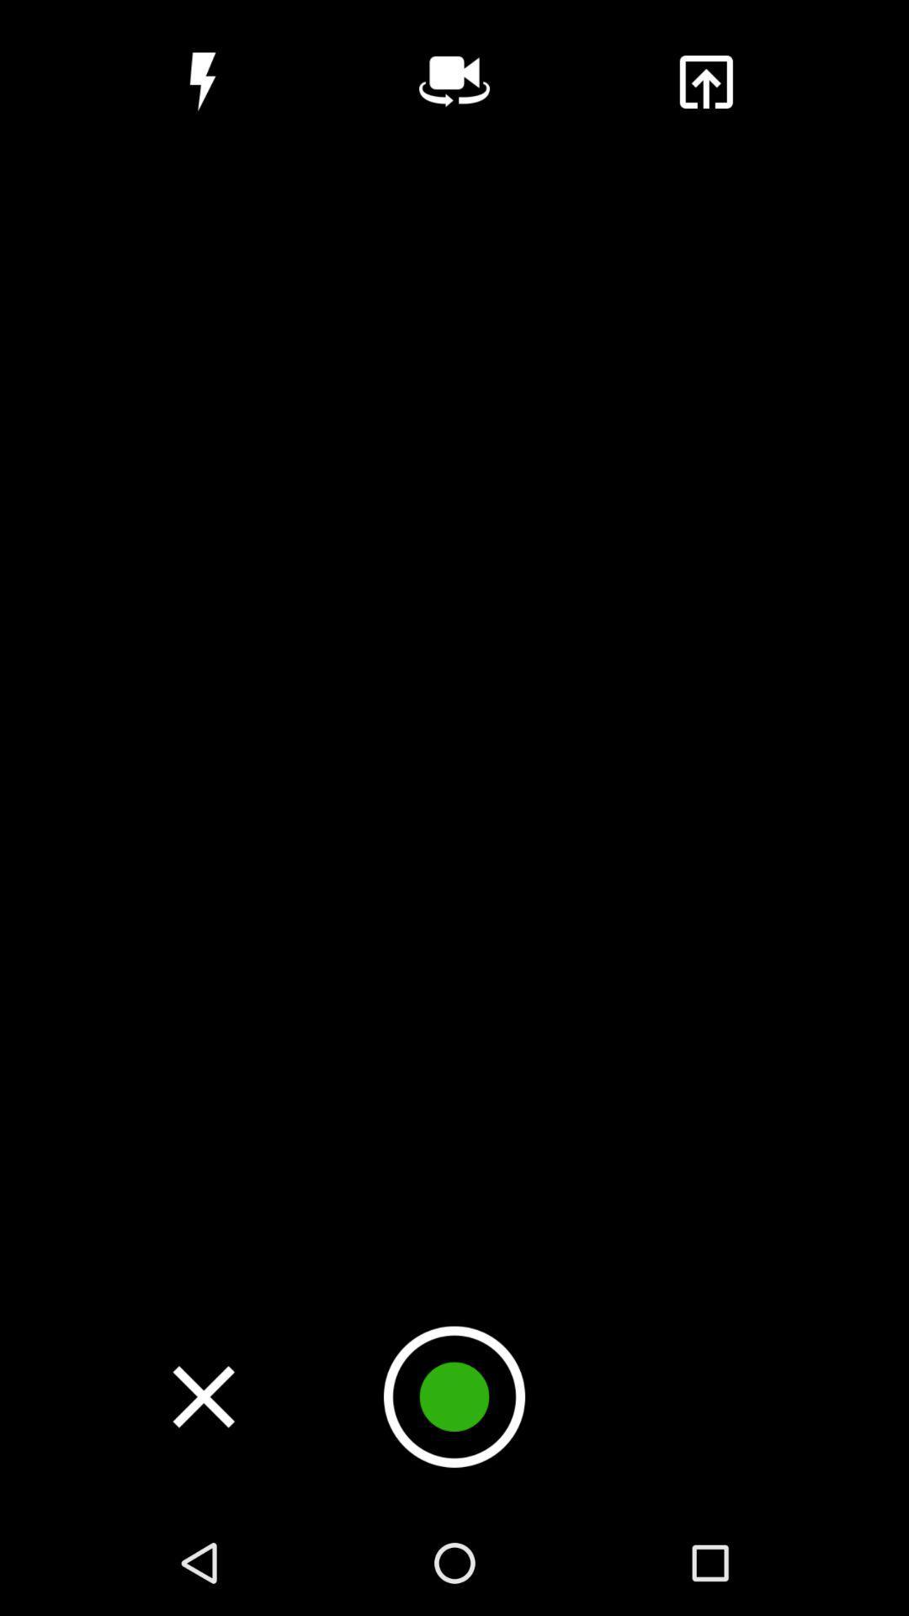 The image size is (909, 1616). Describe the element at coordinates (202, 81) in the screenshot. I see `flash options` at that location.